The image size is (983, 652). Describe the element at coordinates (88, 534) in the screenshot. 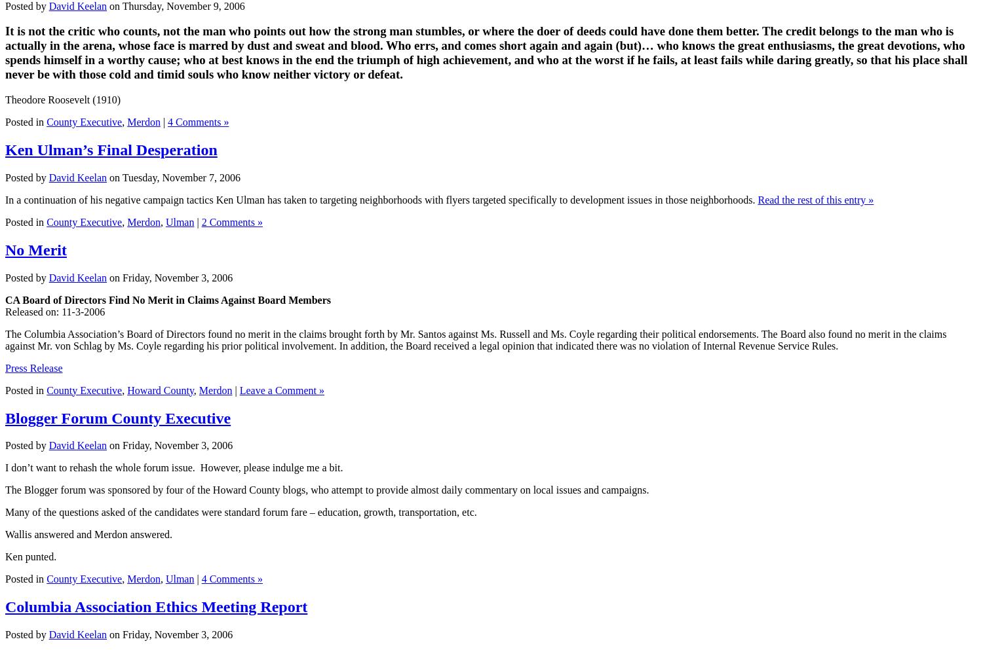

I see `'Wallis answered and Merdon answered.'` at that location.